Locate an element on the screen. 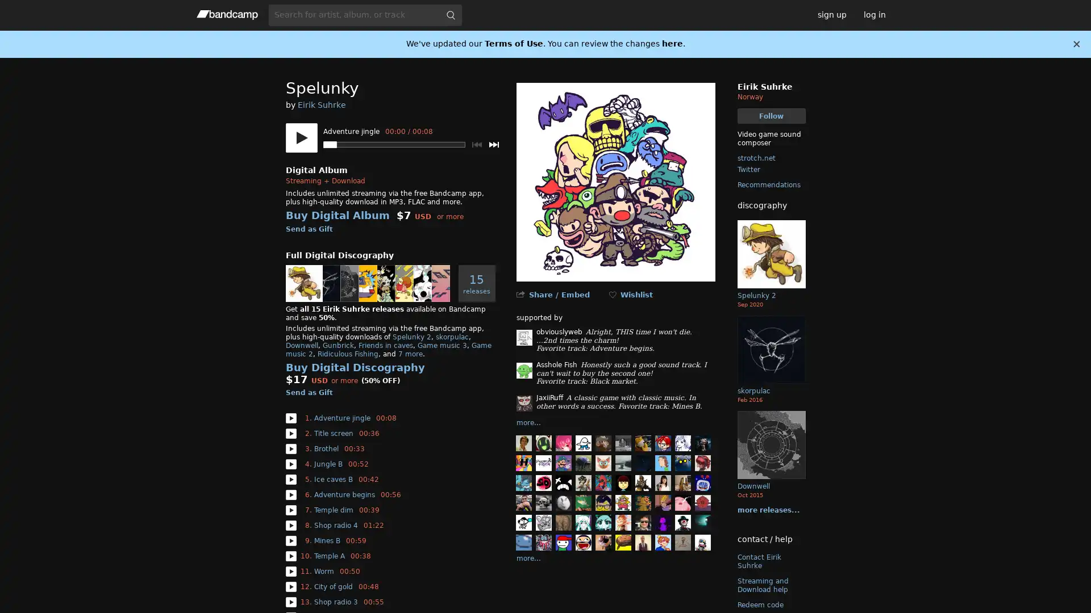 The image size is (1091, 613). submit for full search page is located at coordinates (449, 15).